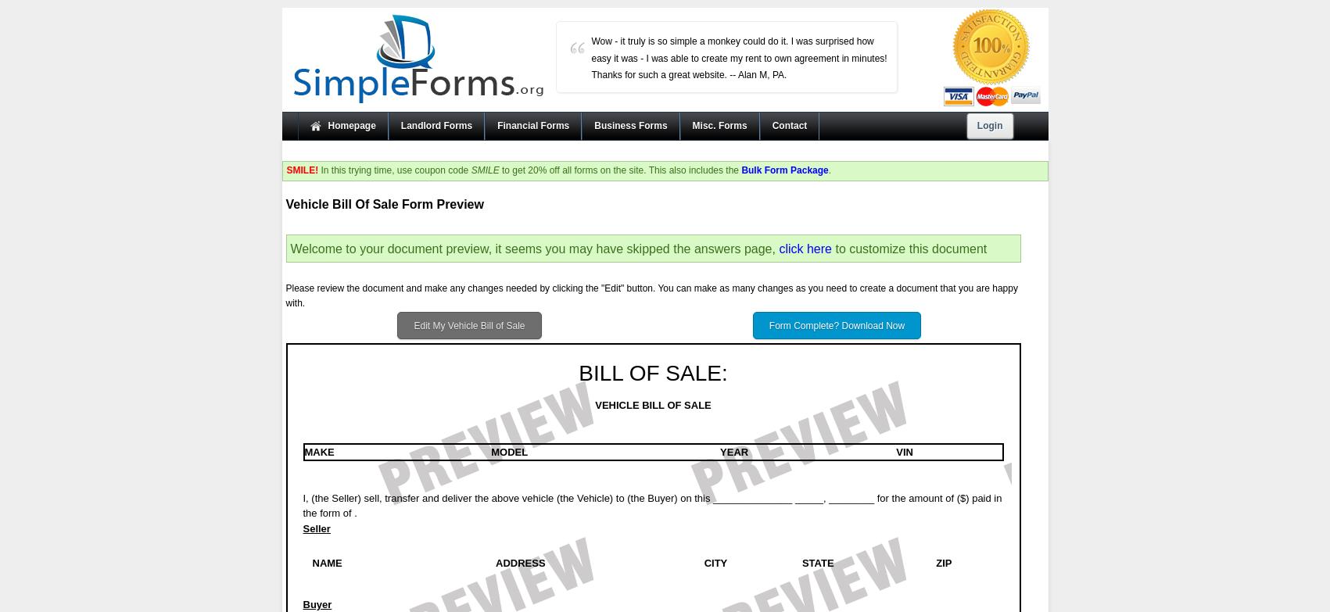 The height and width of the screenshot is (612, 1330). I want to click on 'ADDRESS', so click(519, 561).